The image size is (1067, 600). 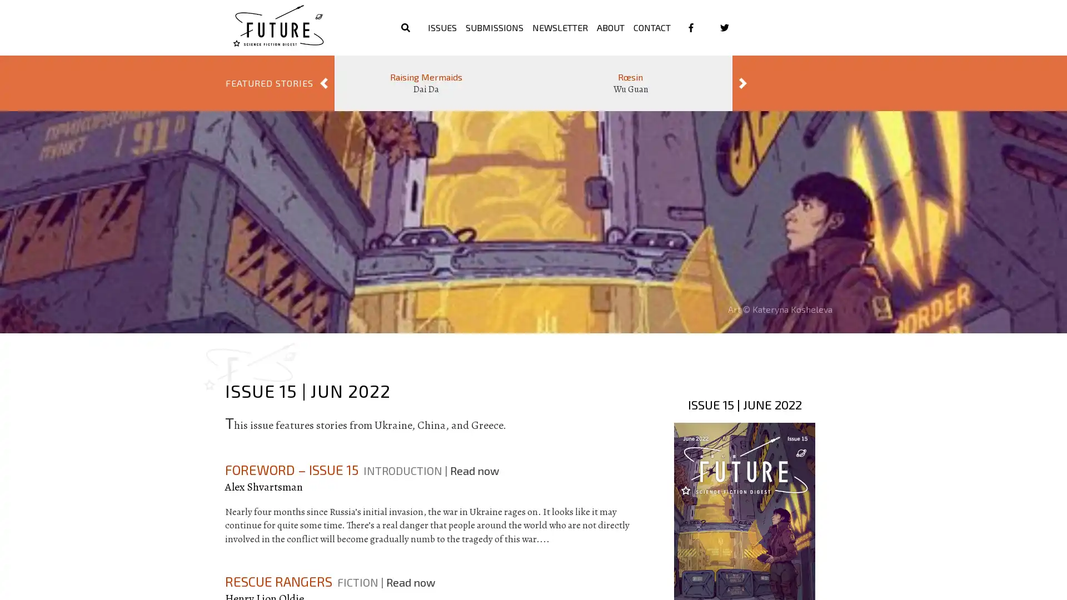 I want to click on Previous, so click(x=323, y=83).